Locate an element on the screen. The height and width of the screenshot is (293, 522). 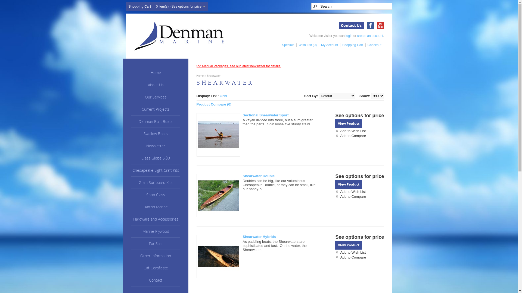
'Class Globe 5.80' is located at coordinates (155, 158).